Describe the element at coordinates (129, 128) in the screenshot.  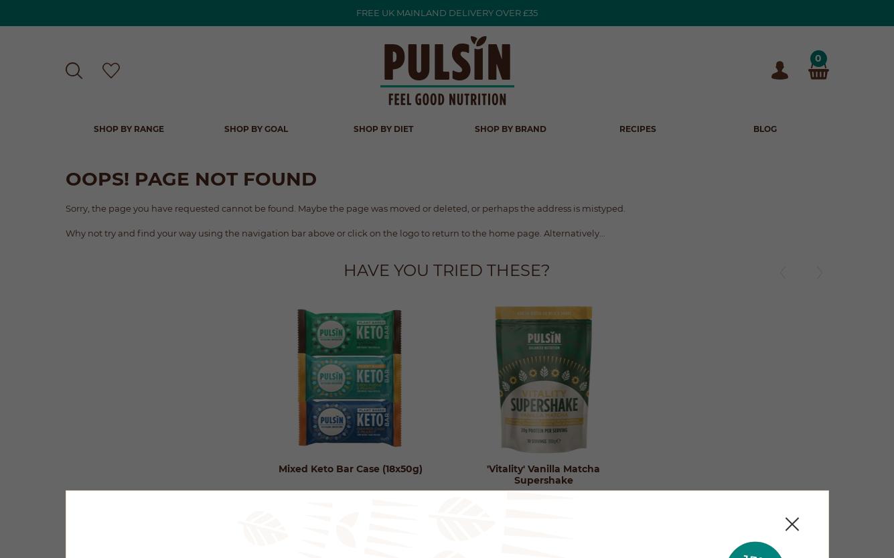
I see `'Shop by Range'` at that location.